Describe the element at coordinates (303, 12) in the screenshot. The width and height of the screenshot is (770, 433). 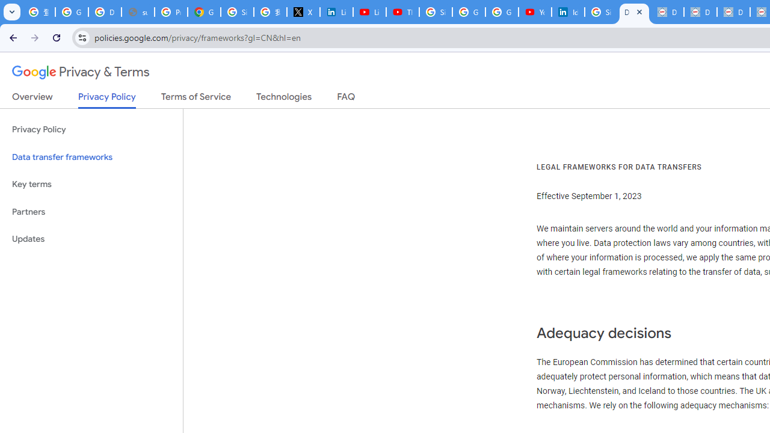
I see `'X'` at that location.